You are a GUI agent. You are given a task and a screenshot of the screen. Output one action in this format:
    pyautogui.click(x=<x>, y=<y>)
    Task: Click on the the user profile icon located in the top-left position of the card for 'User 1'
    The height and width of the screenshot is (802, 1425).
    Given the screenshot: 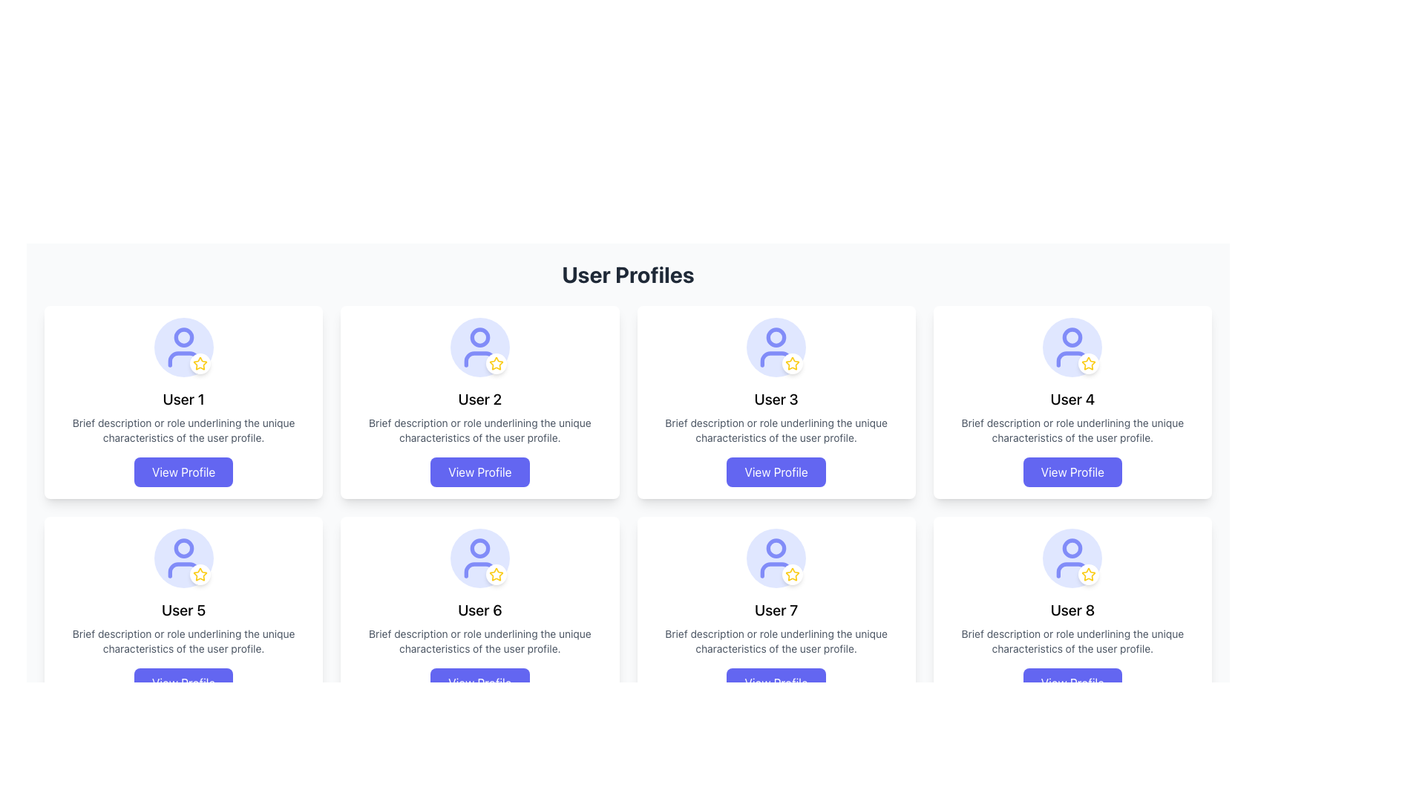 What is the action you would take?
    pyautogui.click(x=183, y=347)
    